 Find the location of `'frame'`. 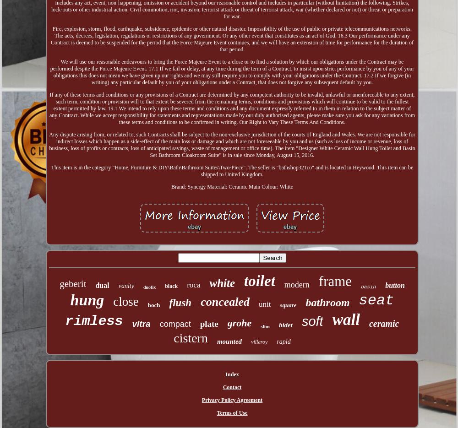

'frame' is located at coordinates (334, 280).